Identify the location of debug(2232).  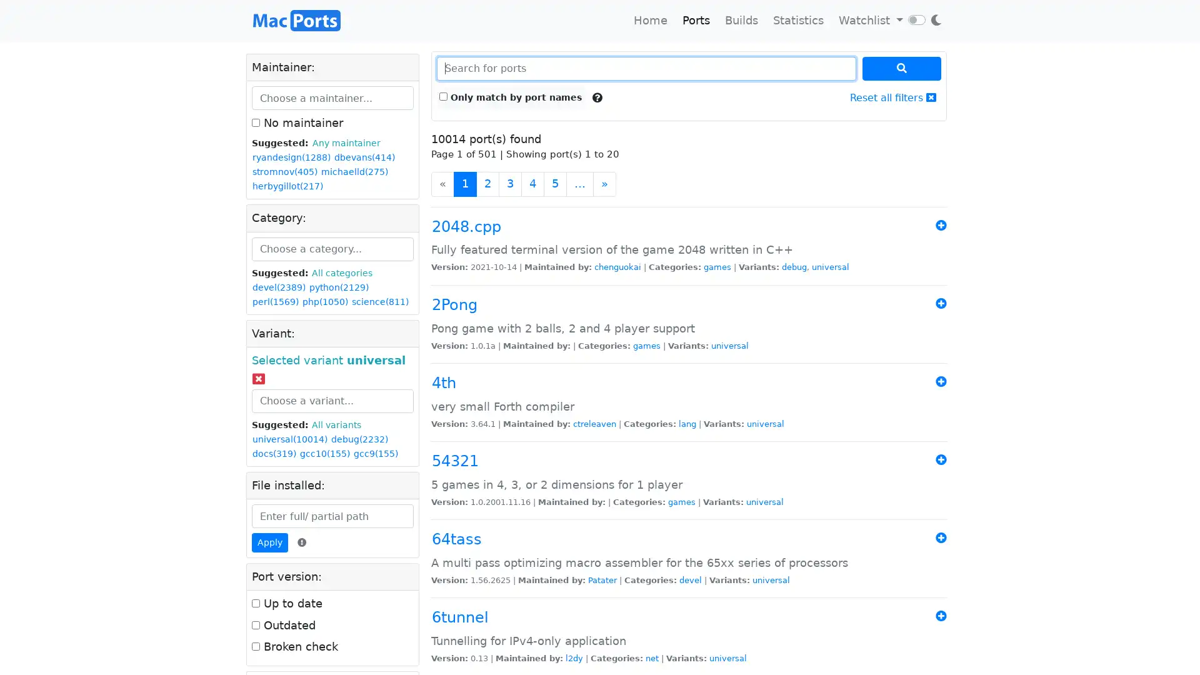
(359, 438).